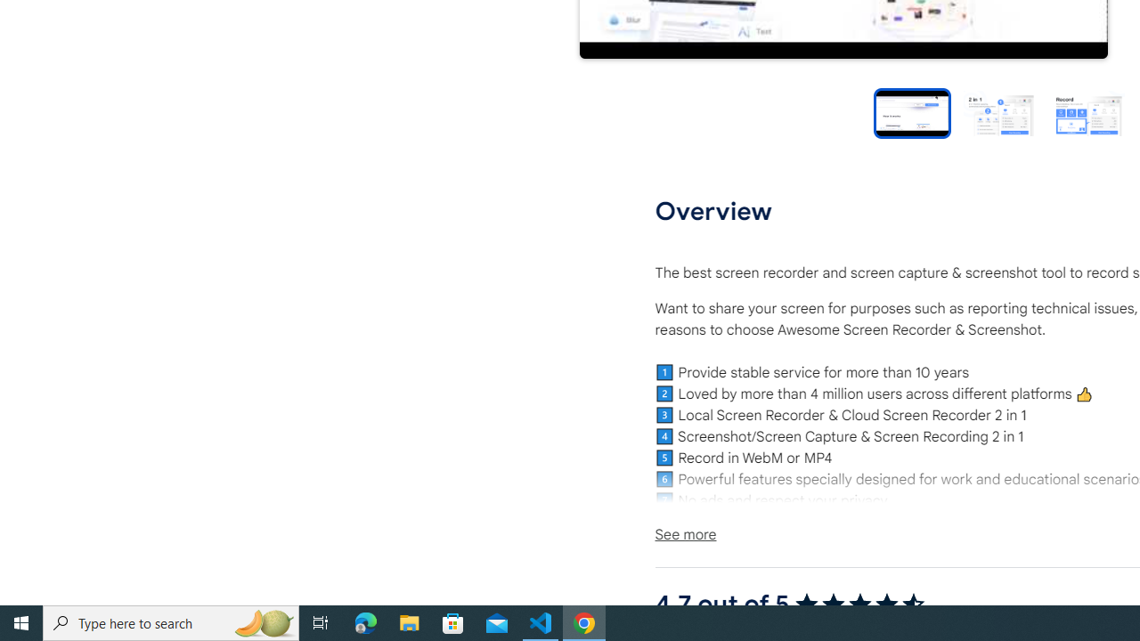 This screenshot has height=641, width=1140. I want to click on 'Preview slide 1', so click(912, 112).